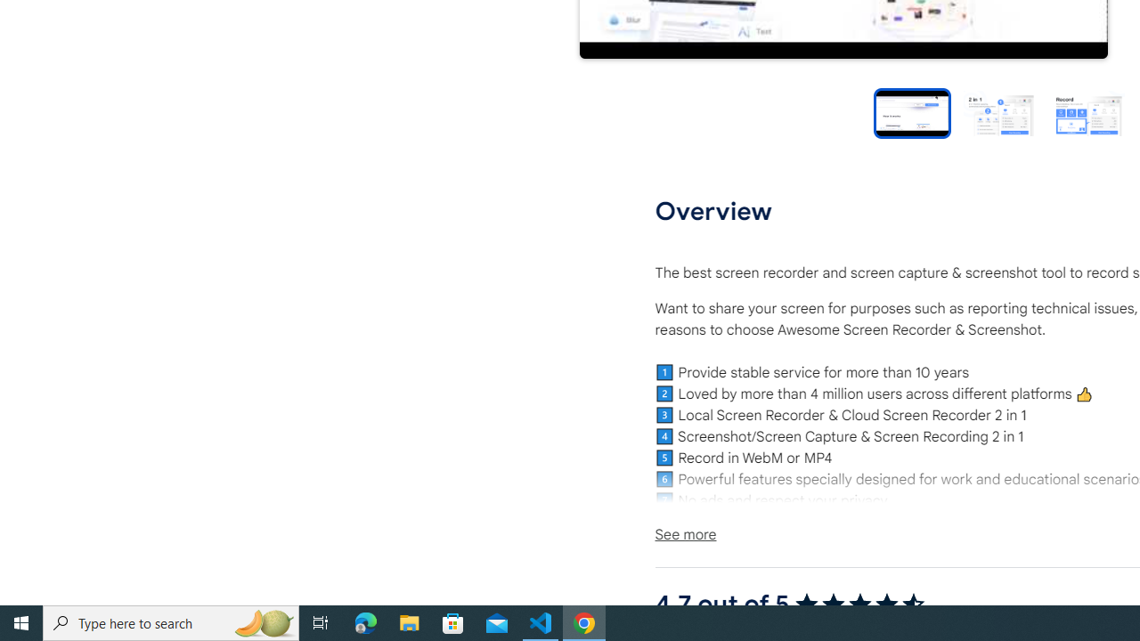 This screenshot has height=641, width=1140. I want to click on 'Preview slide 1', so click(912, 112).